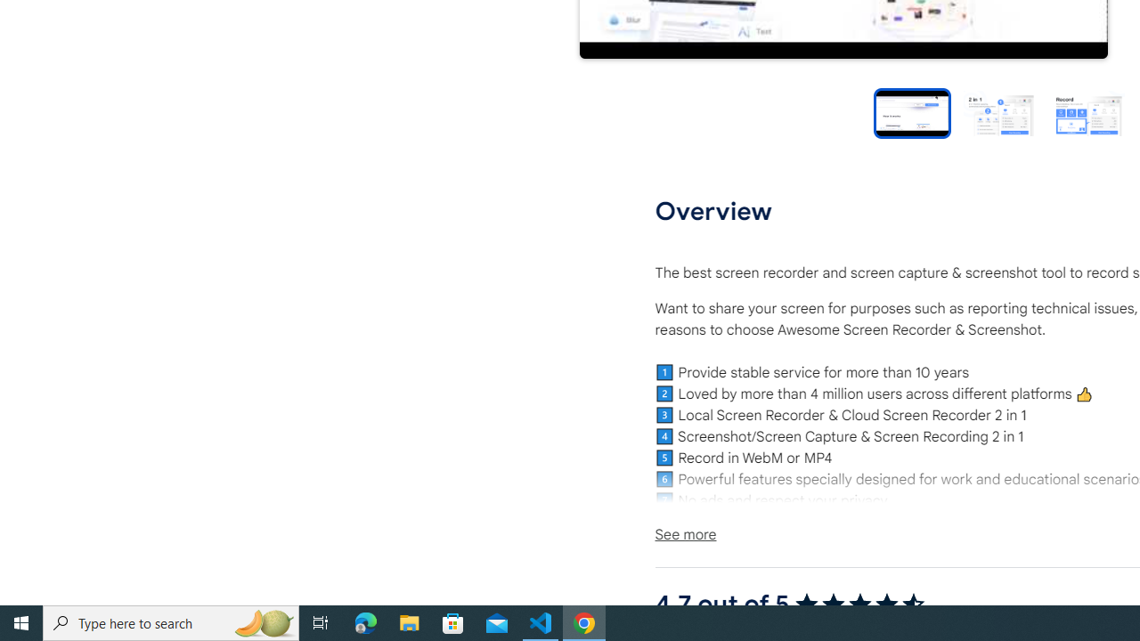 This screenshot has height=641, width=1140. I want to click on 'Preview slide 1', so click(912, 112).